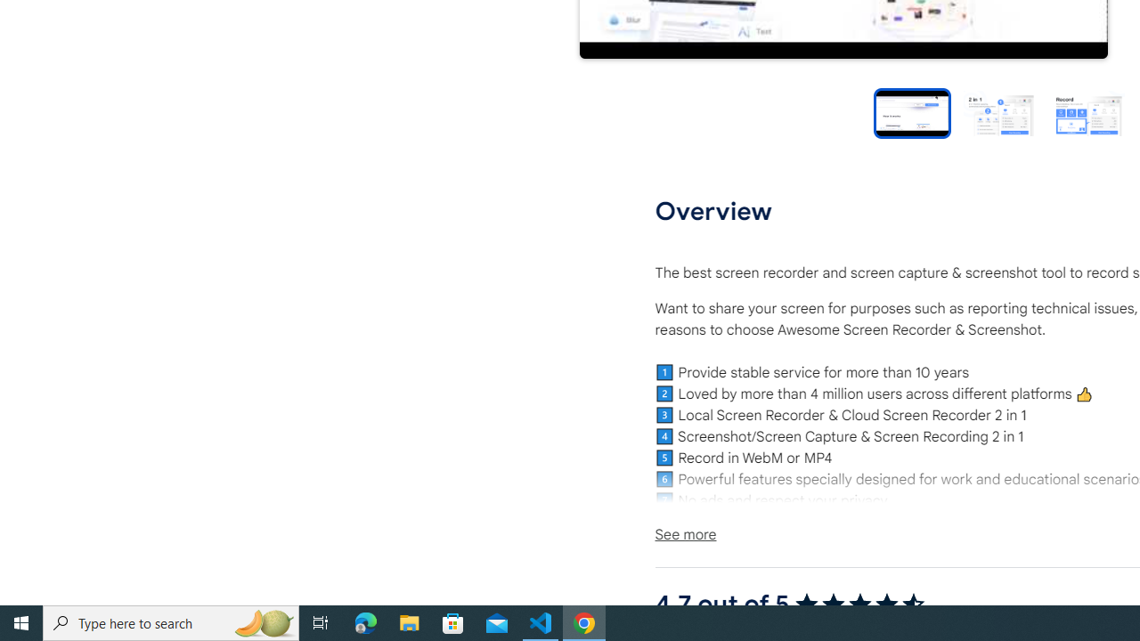 This screenshot has height=641, width=1140. I want to click on 'Preview slide 1', so click(912, 112).